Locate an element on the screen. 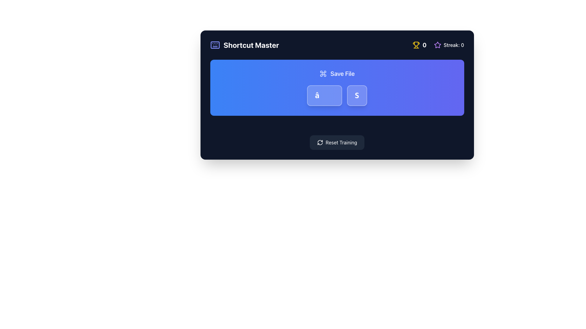 The width and height of the screenshot is (586, 329). the numeric value text component located at the top right corner of the UI, adjacent to the trophy icon is located at coordinates (424, 44).